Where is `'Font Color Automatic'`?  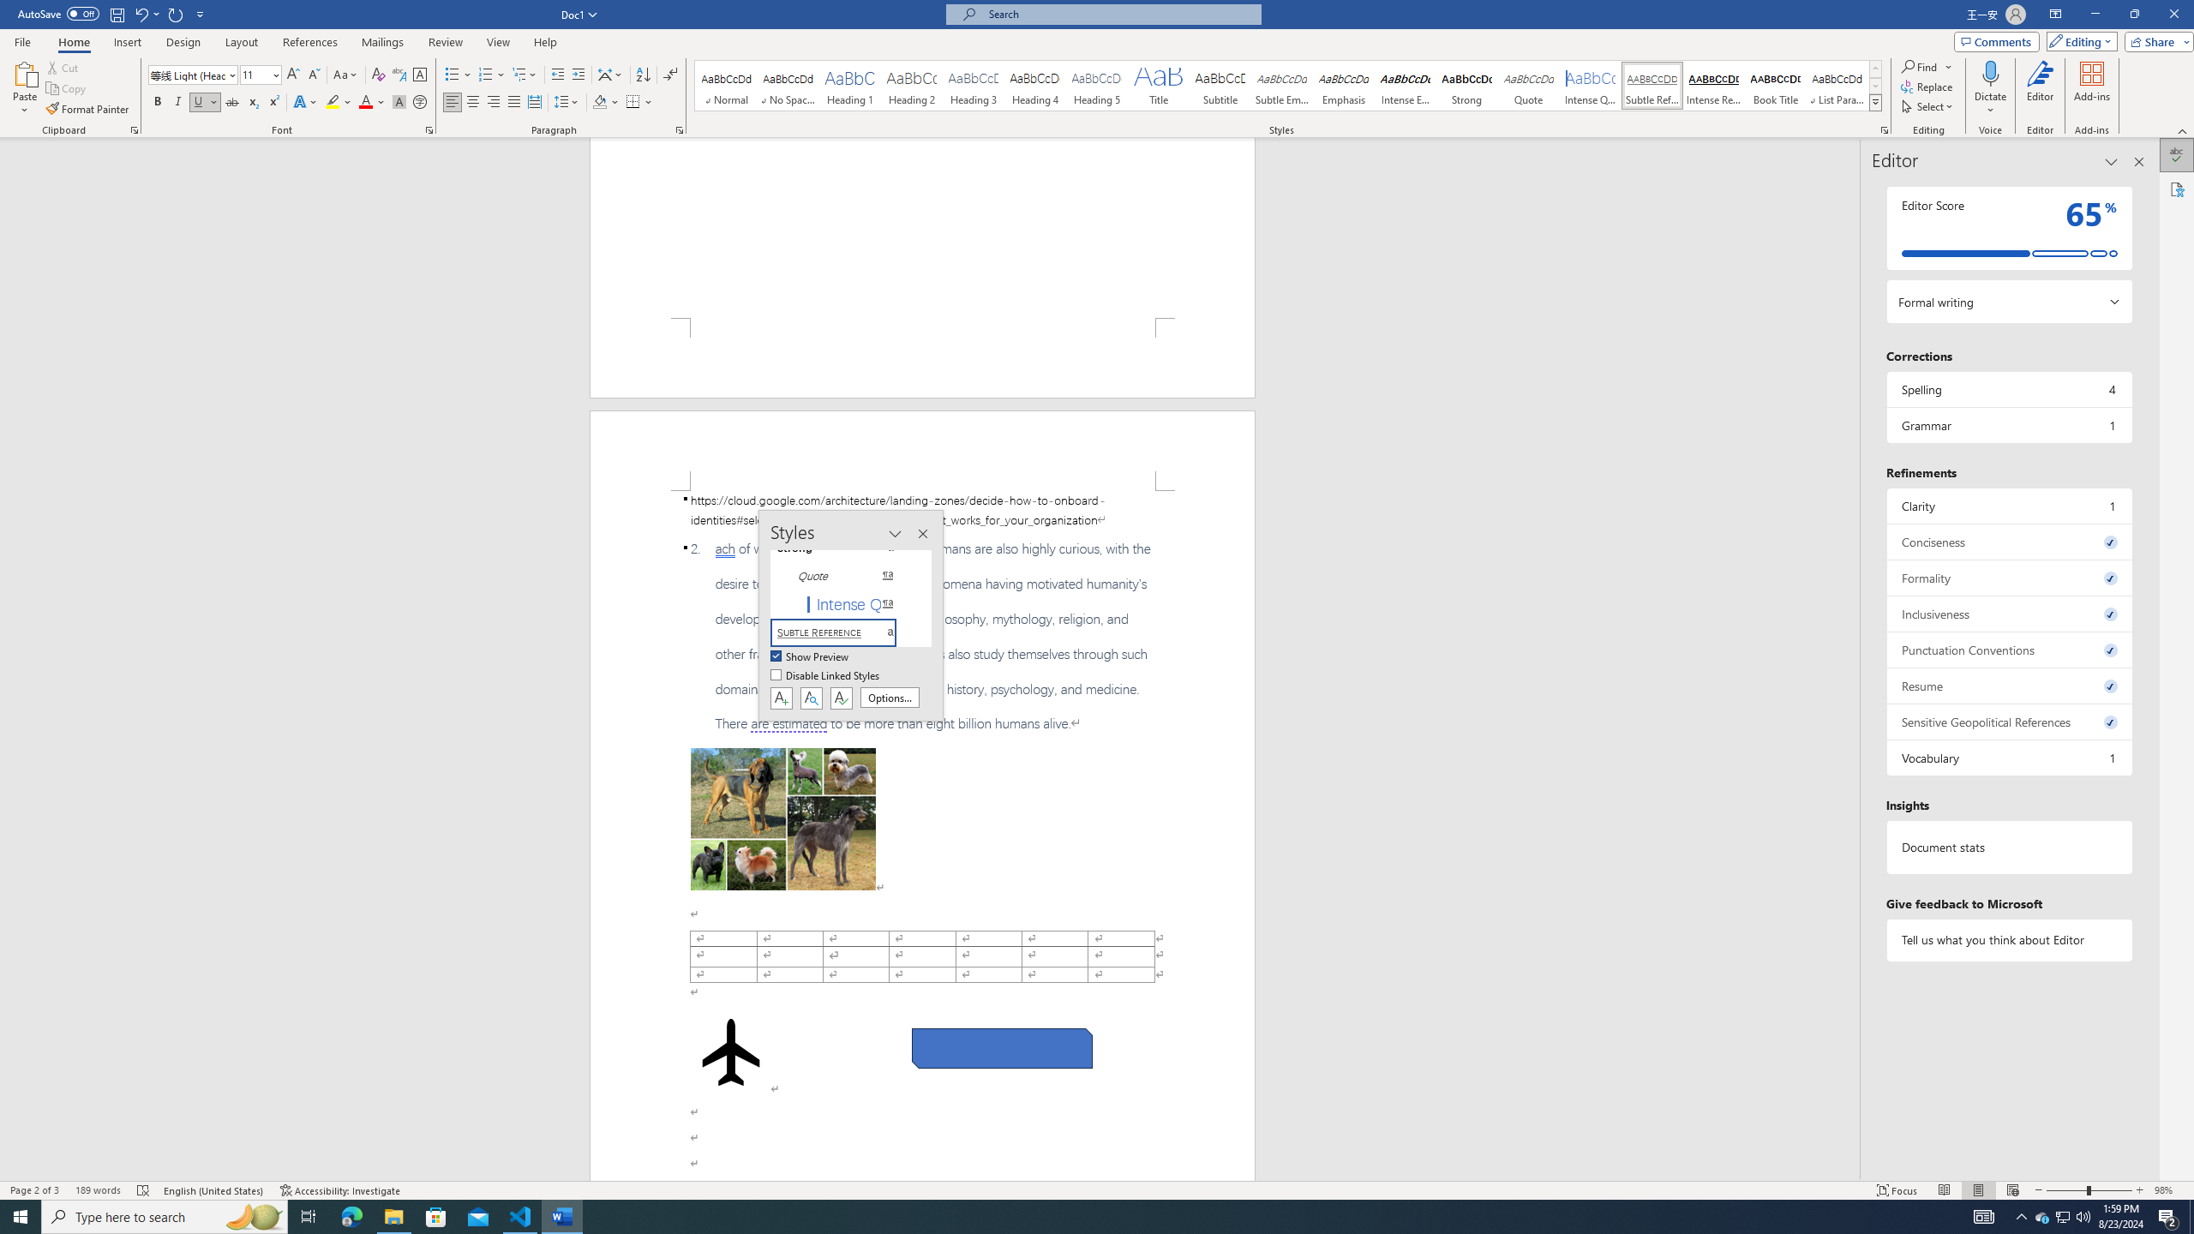 'Font Color Automatic' is located at coordinates (364, 101).